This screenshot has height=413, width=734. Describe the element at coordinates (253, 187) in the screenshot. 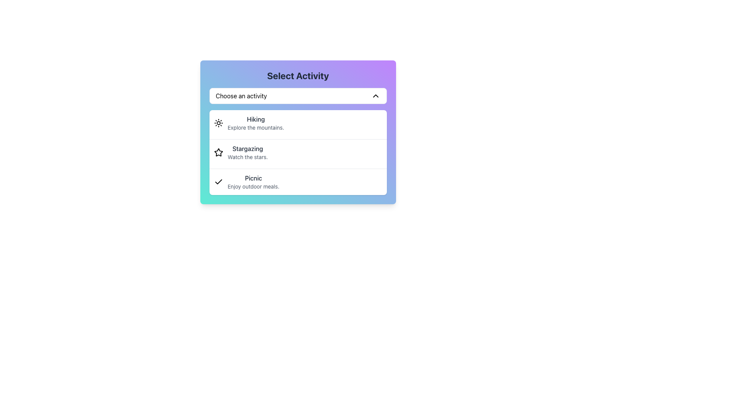

I see `text label that says 'Enjoy outdoor meals.' located below the 'Picnic' option in the dropdown under 'Select Activity'` at that location.